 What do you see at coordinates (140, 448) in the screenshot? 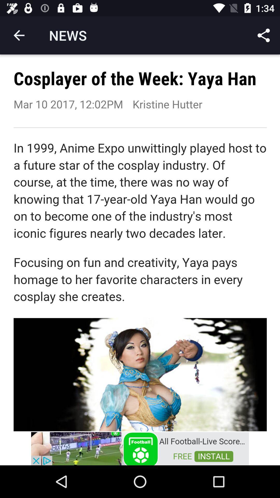
I see `just a advertisement` at bounding box center [140, 448].